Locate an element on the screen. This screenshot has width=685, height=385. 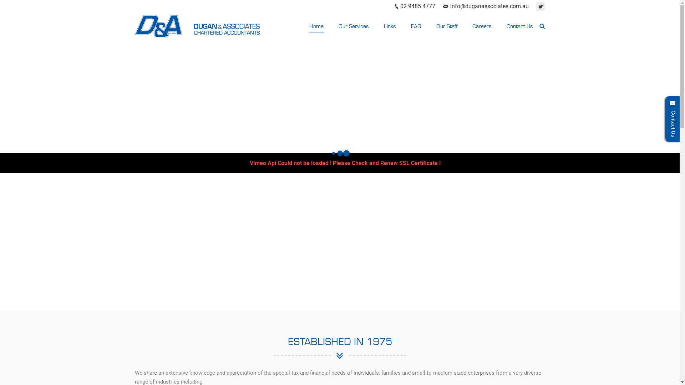
'Careers' is located at coordinates (483, 26).